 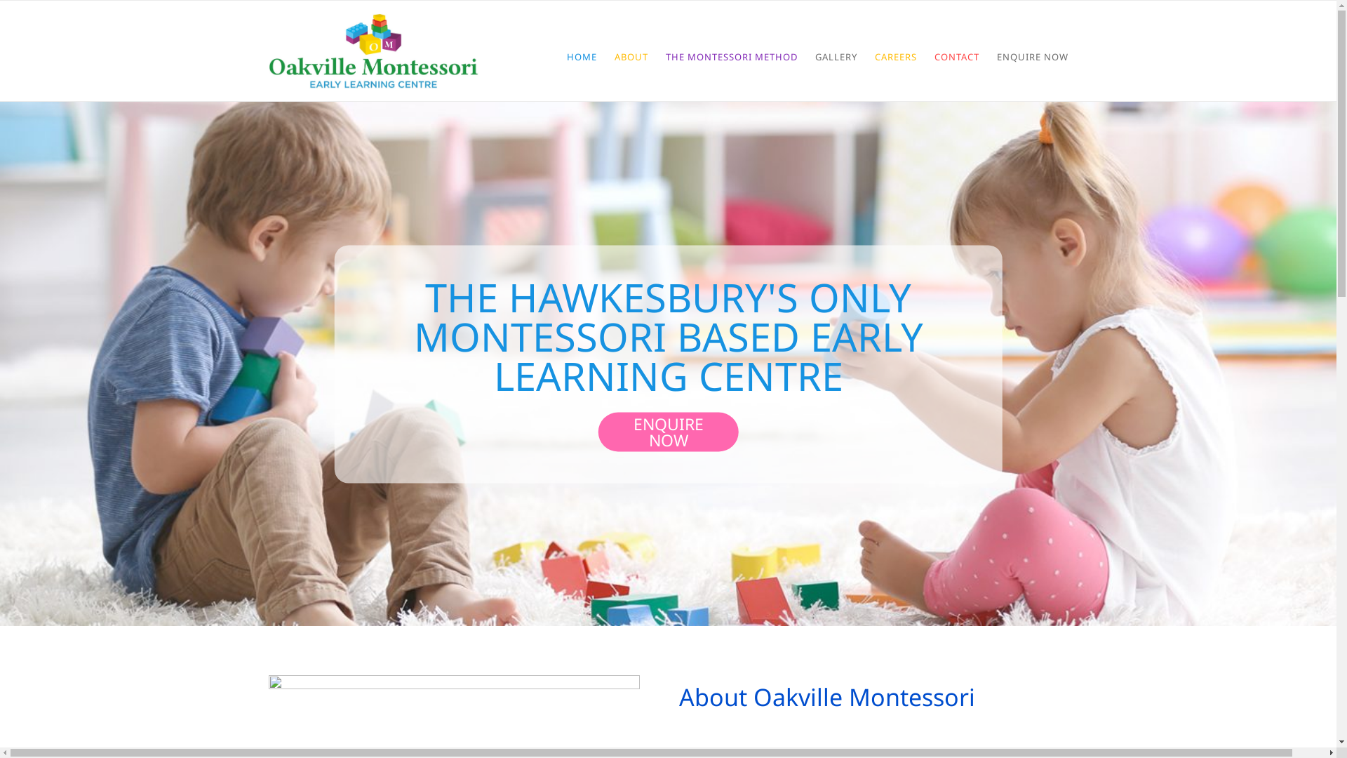 What do you see at coordinates (836, 55) in the screenshot?
I see `'GALLERY'` at bounding box center [836, 55].